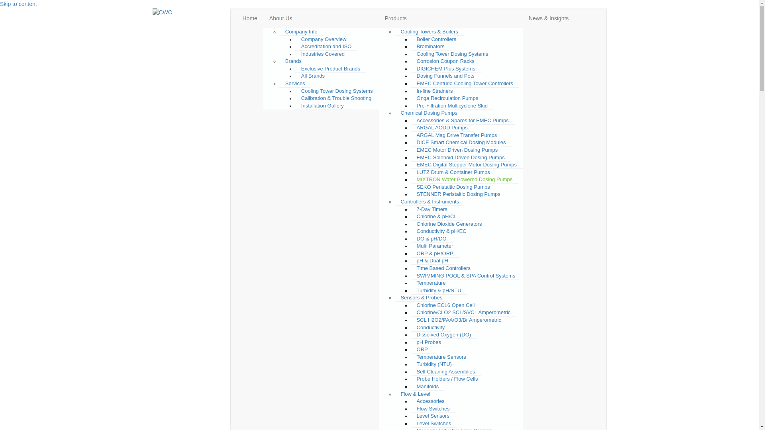 The image size is (765, 430). I want to click on 'Chlorine & pH/CL', so click(436, 216).